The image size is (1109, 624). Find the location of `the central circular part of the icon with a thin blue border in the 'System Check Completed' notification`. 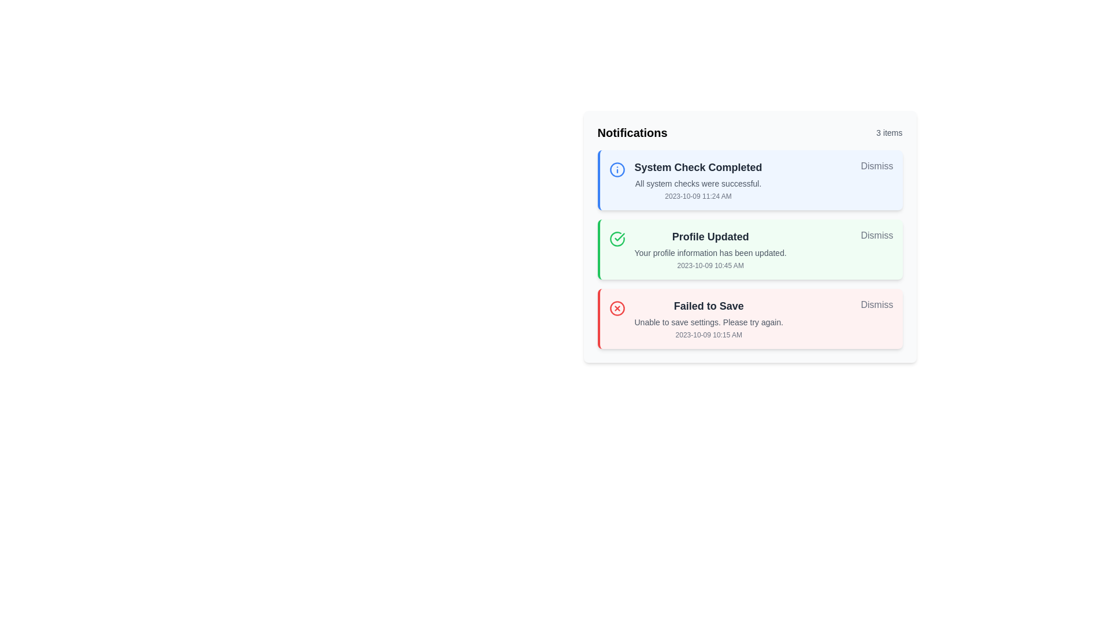

the central circular part of the icon with a thin blue border in the 'System Check Completed' notification is located at coordinates (616, 169).